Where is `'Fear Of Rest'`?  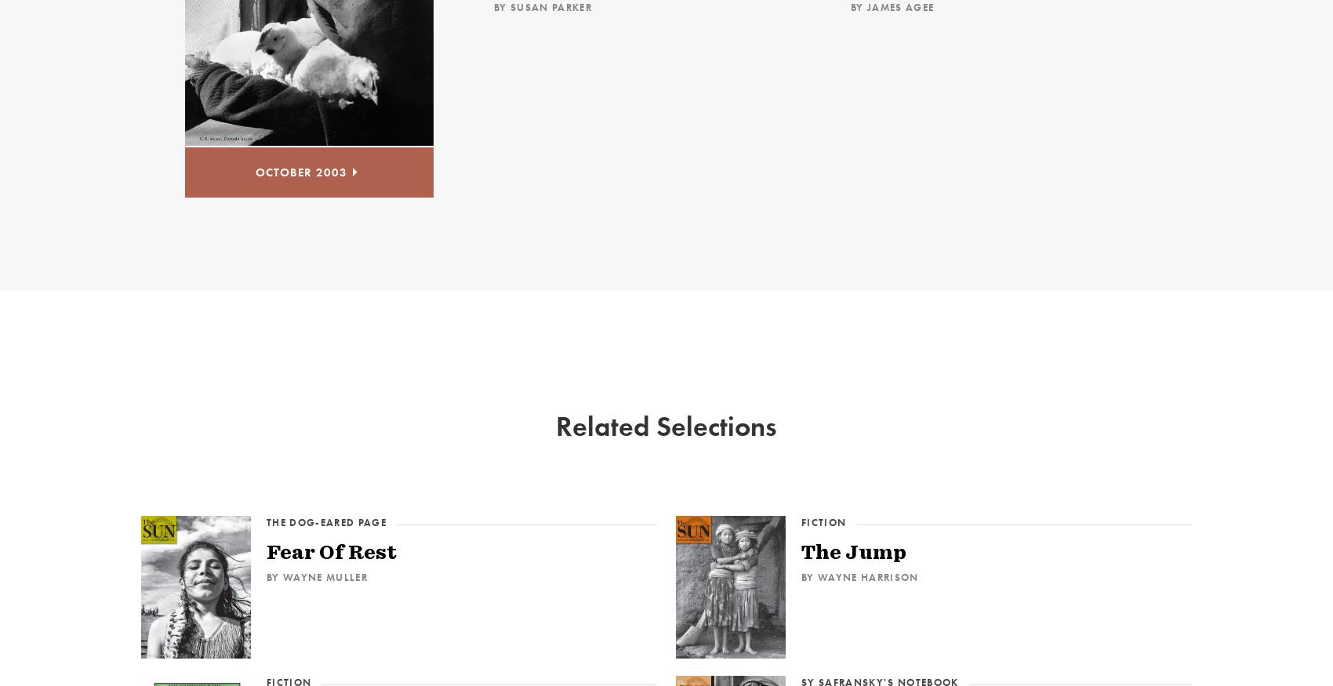 'Fear Of Rest' is located at coordinates (330, 550).